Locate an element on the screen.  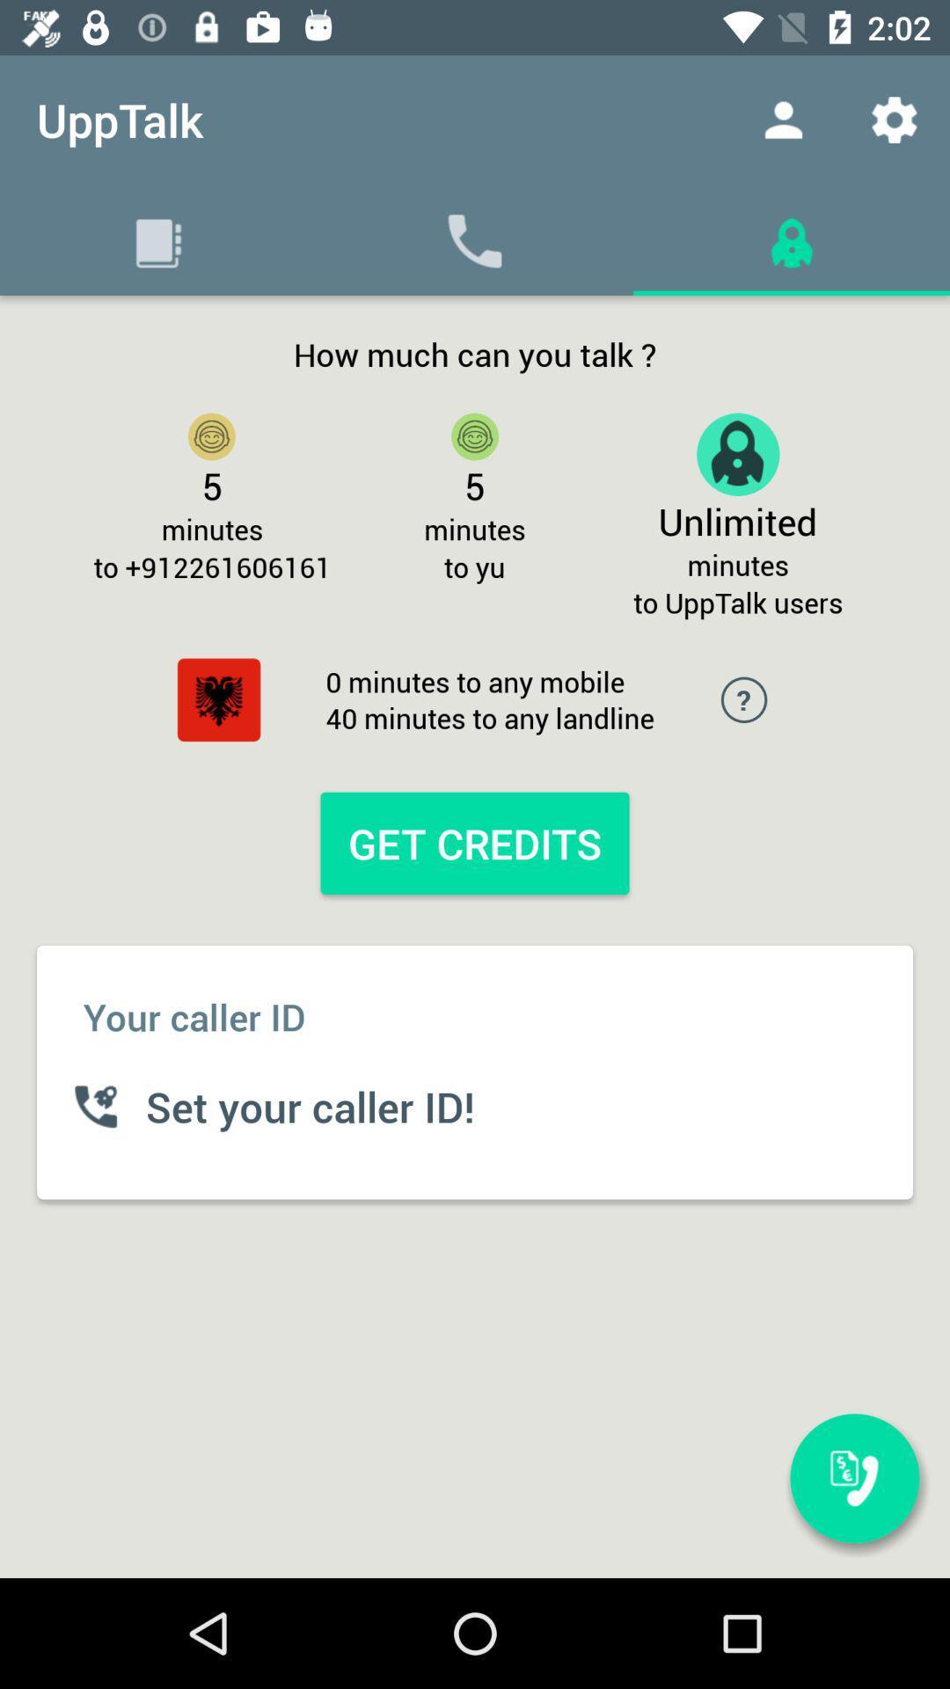
the item below to upptalk users is located at coordinates (854, 1478).